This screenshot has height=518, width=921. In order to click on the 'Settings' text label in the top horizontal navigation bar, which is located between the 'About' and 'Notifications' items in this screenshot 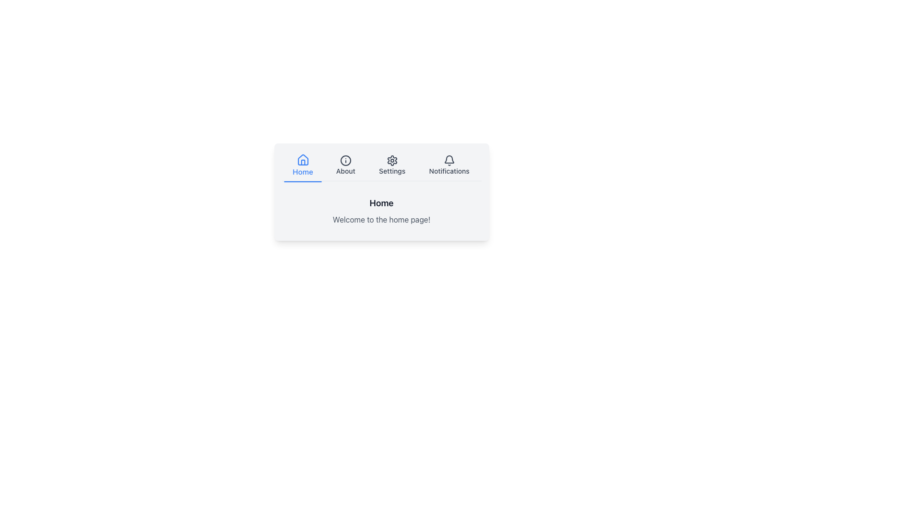, I will do `click(392, 171)`.